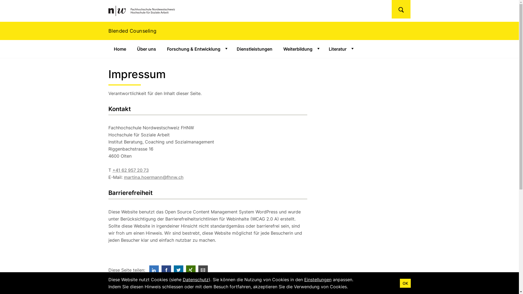 Image resolution: width=523 pixels, height=294 pixels. I want to click on 'Einstellungen', so click(318, 279).